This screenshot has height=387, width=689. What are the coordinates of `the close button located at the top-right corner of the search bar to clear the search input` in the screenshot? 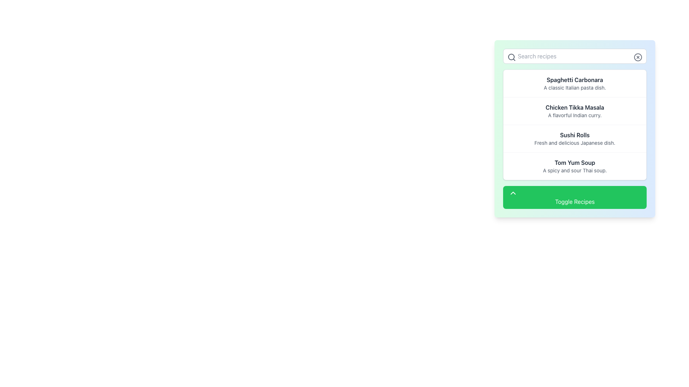 It's located at (638, 57).